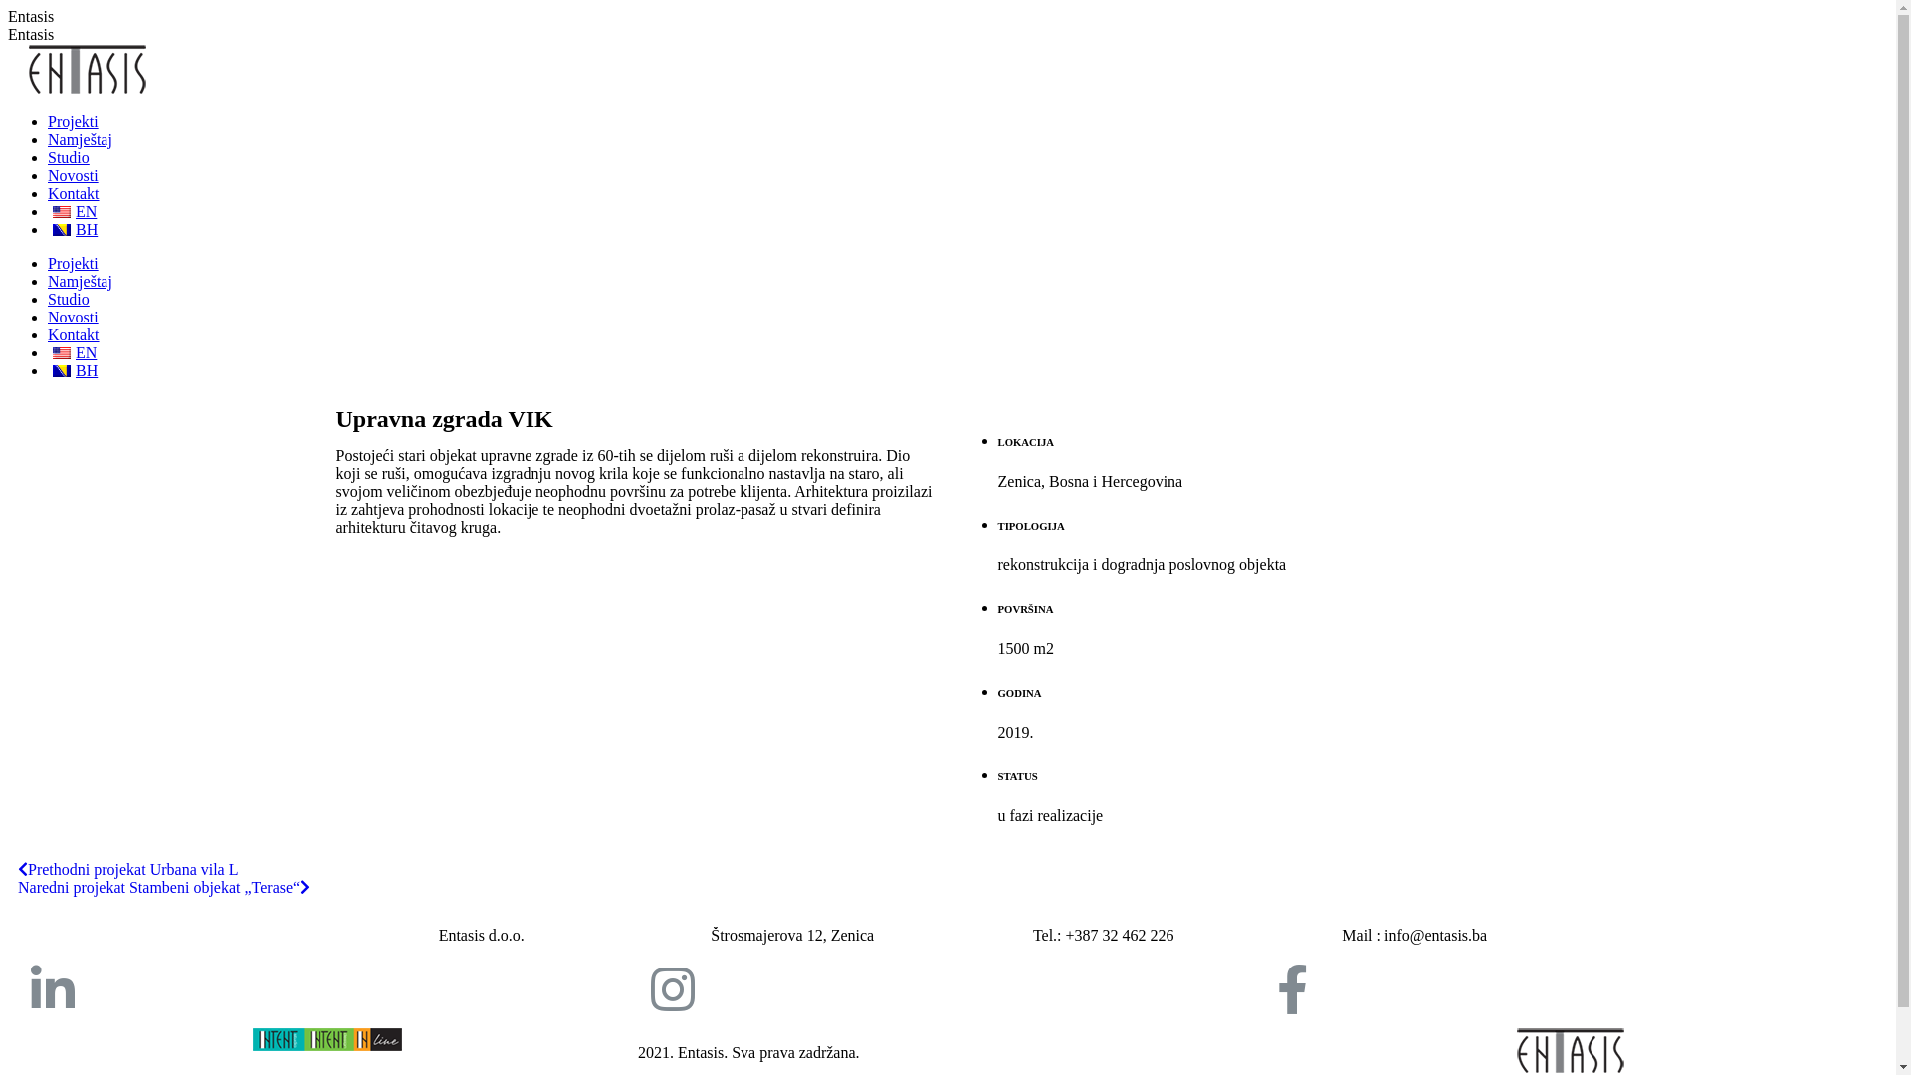 The image size is (1911, 1075). What do you see at coordinates (73, 121) in the screenshot?
I see `'Projekti'` at bounding box center [73, 121].